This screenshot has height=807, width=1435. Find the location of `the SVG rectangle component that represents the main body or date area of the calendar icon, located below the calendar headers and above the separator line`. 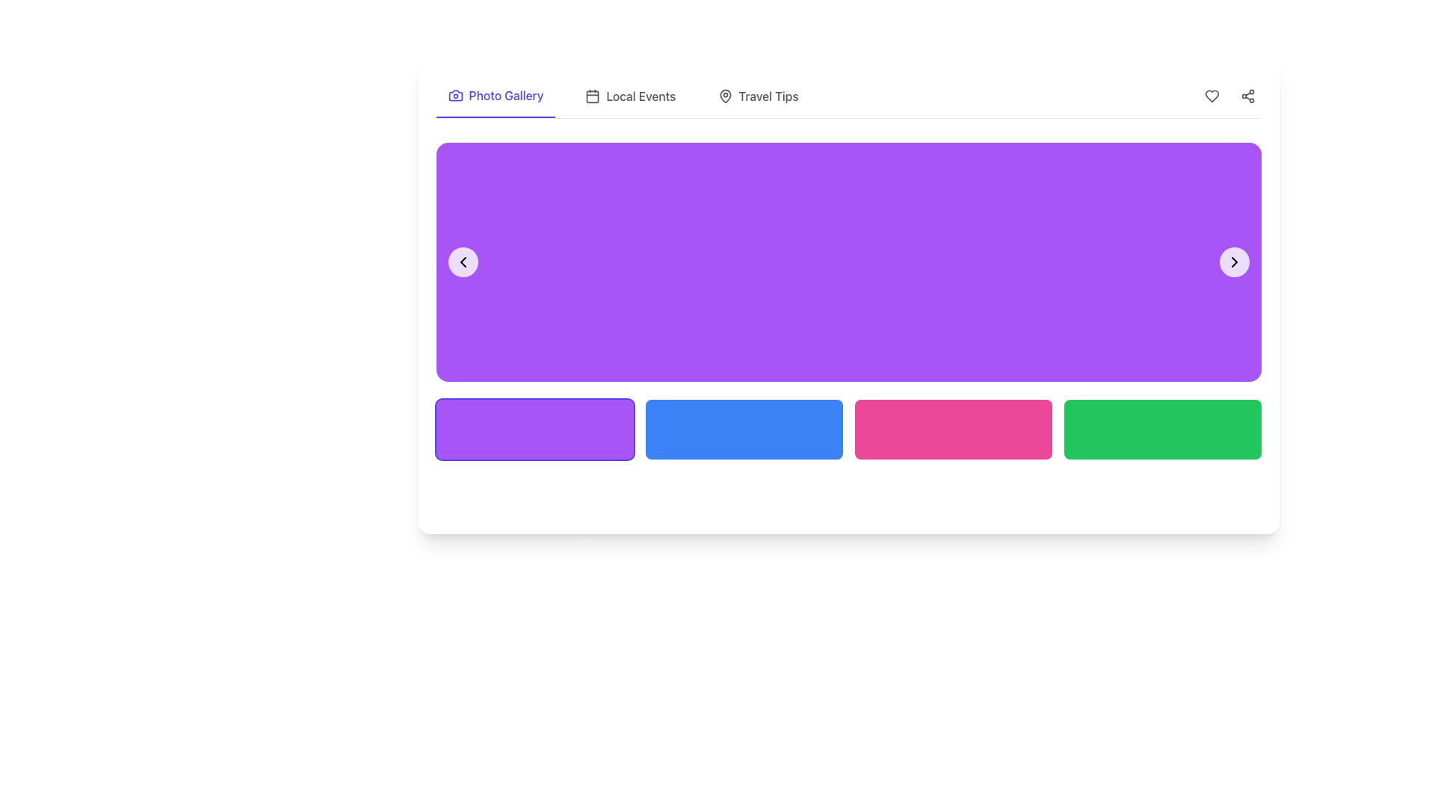

the SVG rectangle component that represents the main body or date area of the calendar icon, located below the calendar headers and above the separator line is located at coordinates (592, 96).